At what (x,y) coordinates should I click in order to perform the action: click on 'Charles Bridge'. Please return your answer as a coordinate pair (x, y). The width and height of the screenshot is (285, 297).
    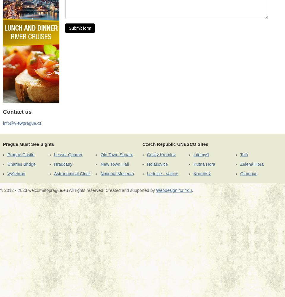
    Looking at the image, I should click on (21, 164).